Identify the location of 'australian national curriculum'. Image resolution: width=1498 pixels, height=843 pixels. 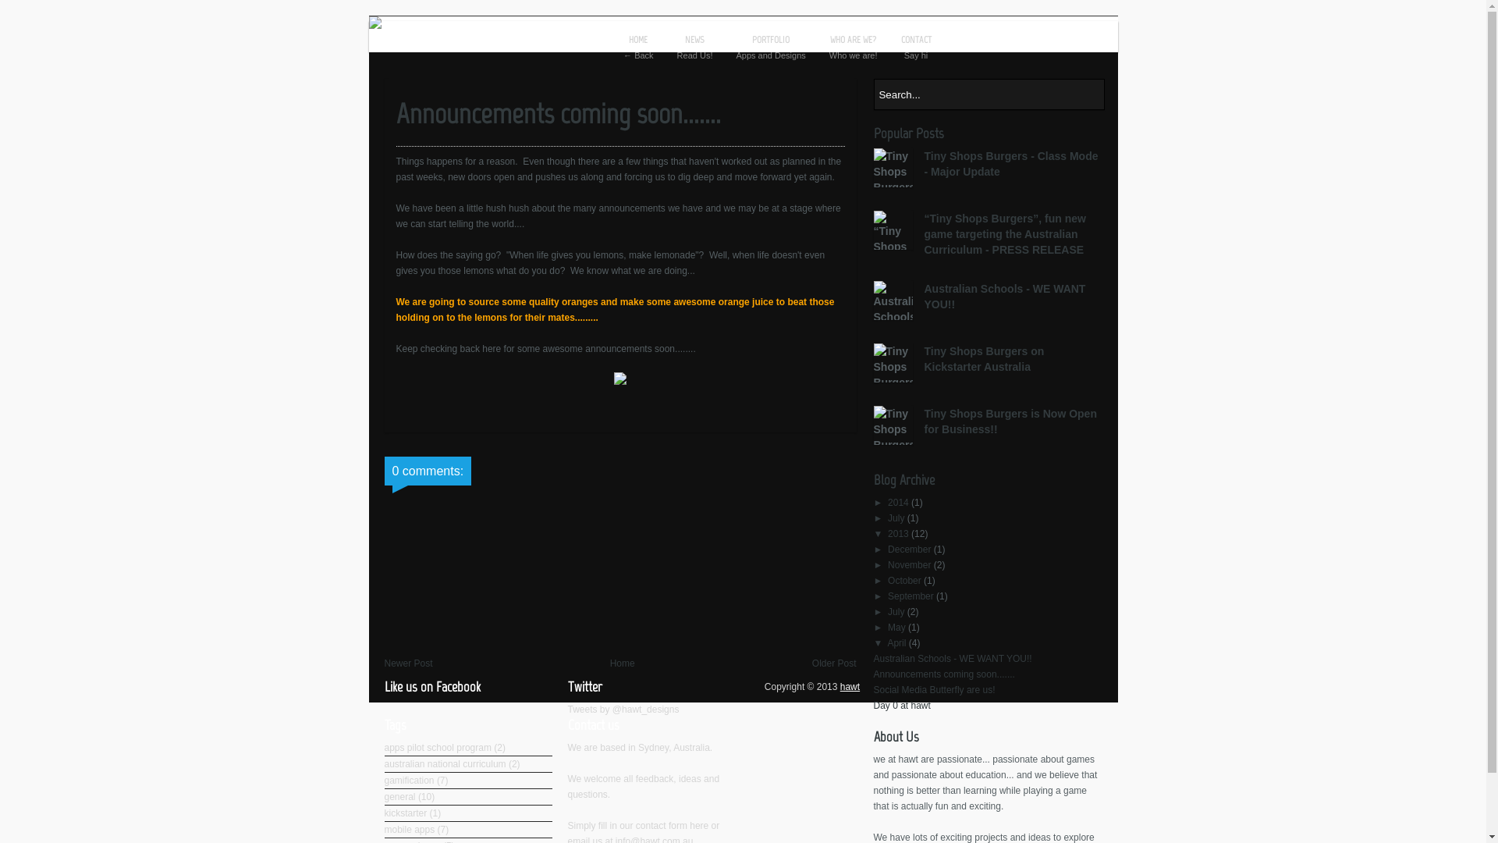
(383, 763).